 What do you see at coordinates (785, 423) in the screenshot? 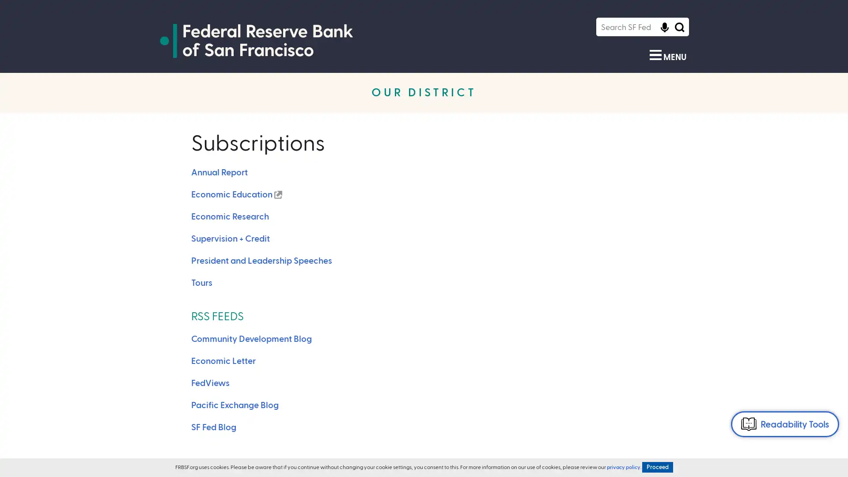
I see `Readability Tools` at bounding box center [785, 423].